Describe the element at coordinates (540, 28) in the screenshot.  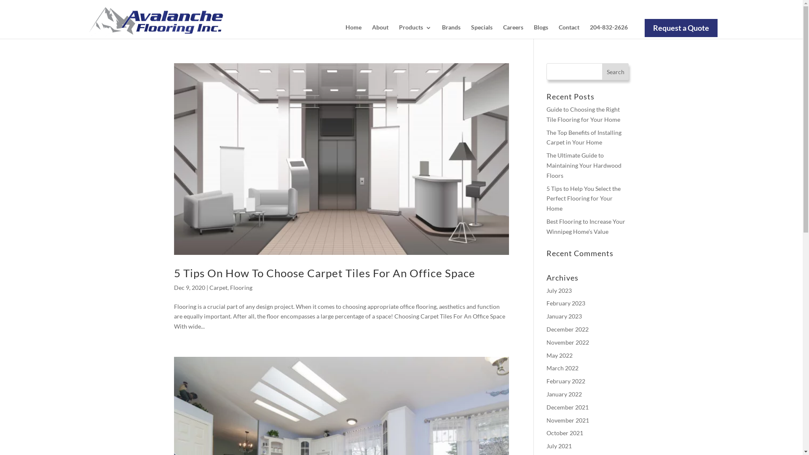
I see `'Blogs'` at that location.